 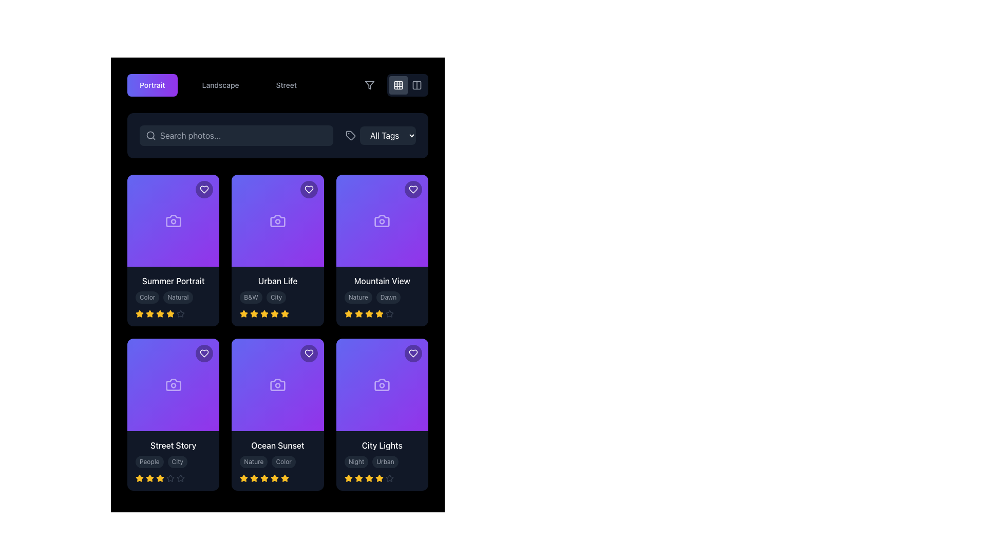 I want to click on the heart icon representing the 'favorite' feature for the 'Ocean Sunset' item, located in the top-right region of the card, so click(x=308, y=353).